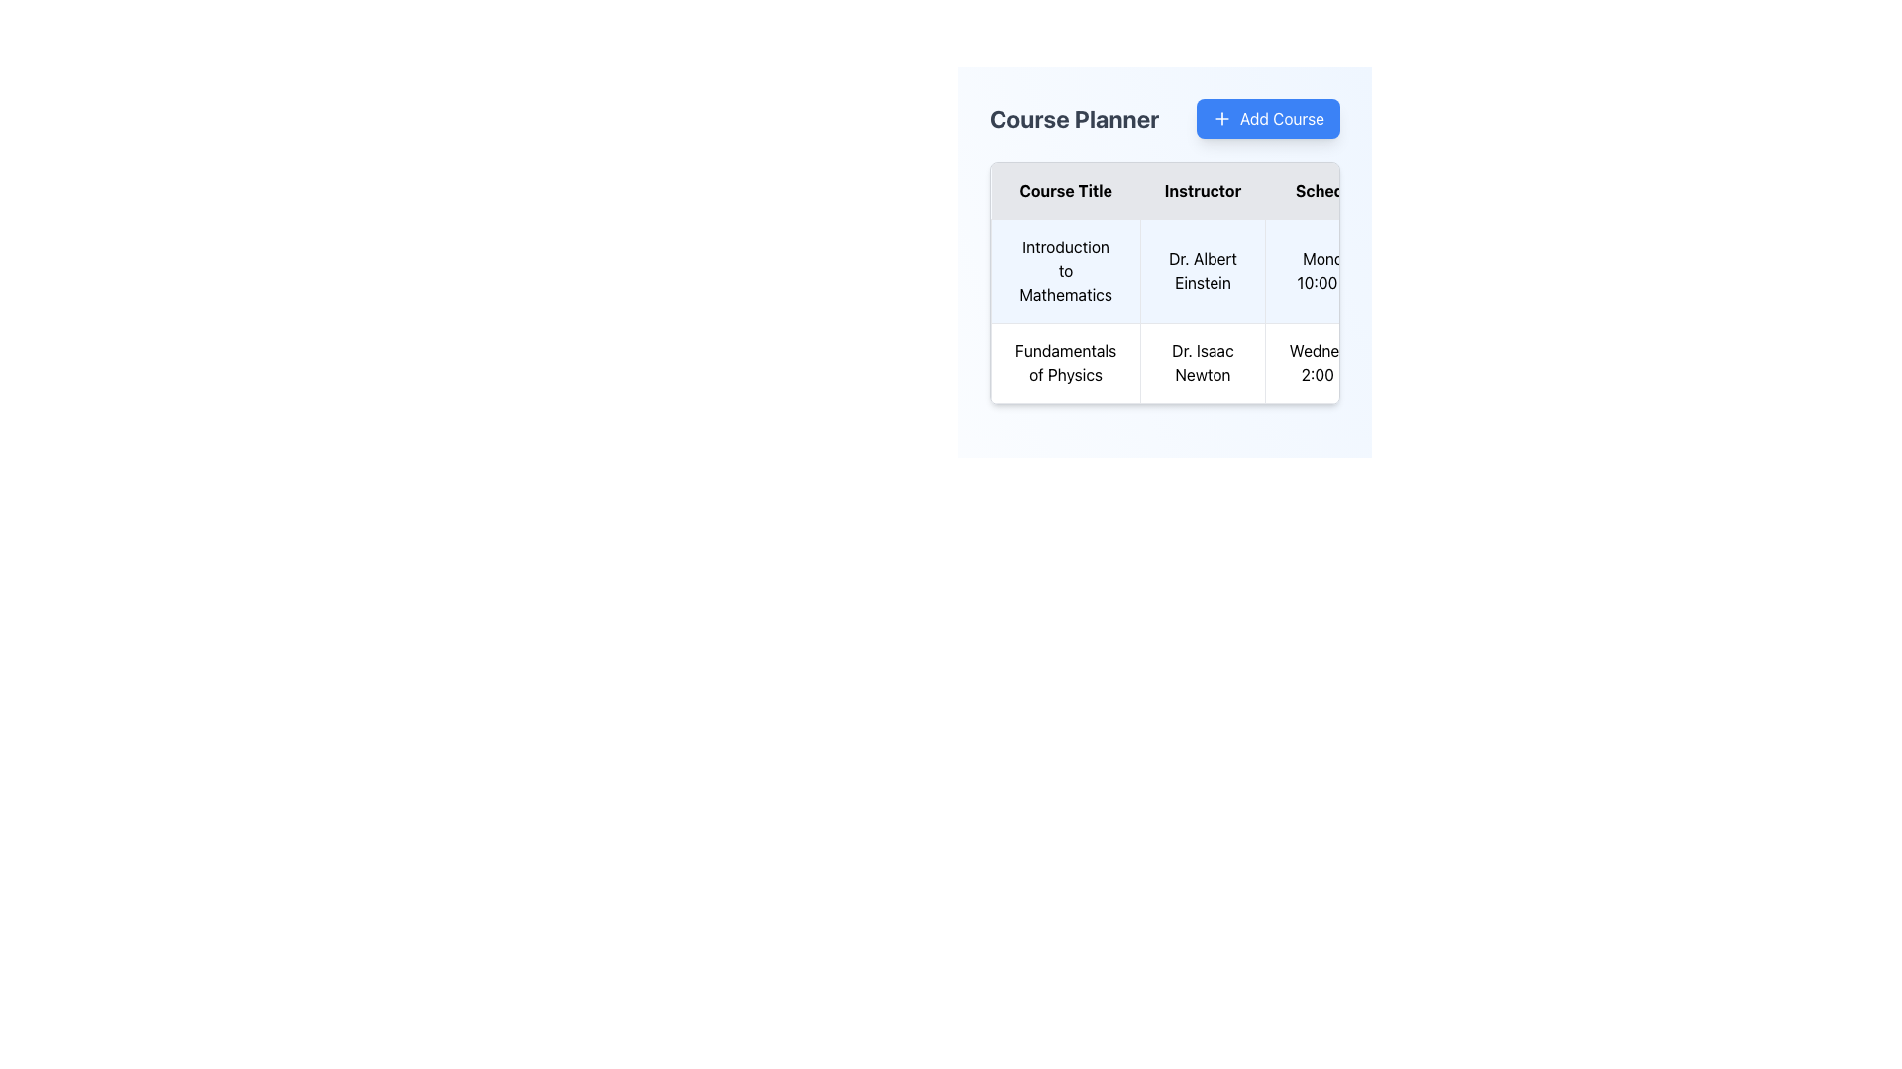  Describe the element at coordinates (1331, 270) in the screenshot. I see `the table cell displaying the schedule timing 'Monday 10:00 AM' in the 'Schedule' column of the 'Introduction to Mathematics' course row` at that location.